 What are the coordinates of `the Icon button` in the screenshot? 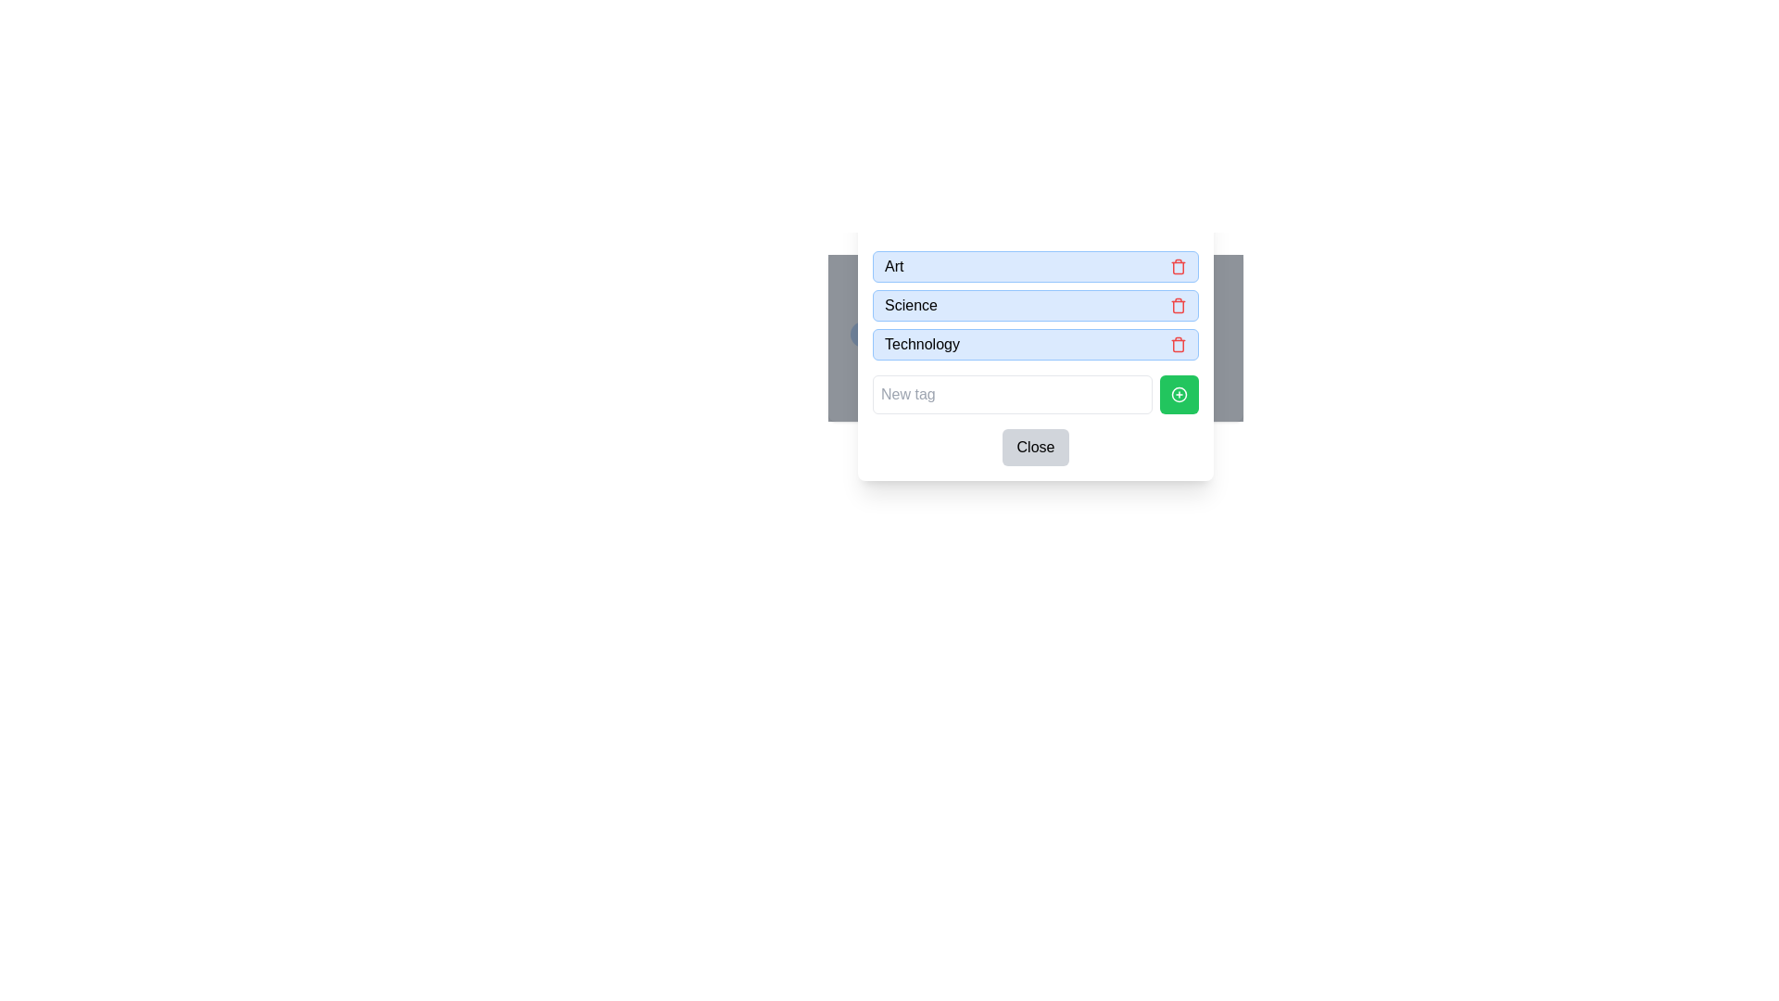 It's located at (1178, 267).